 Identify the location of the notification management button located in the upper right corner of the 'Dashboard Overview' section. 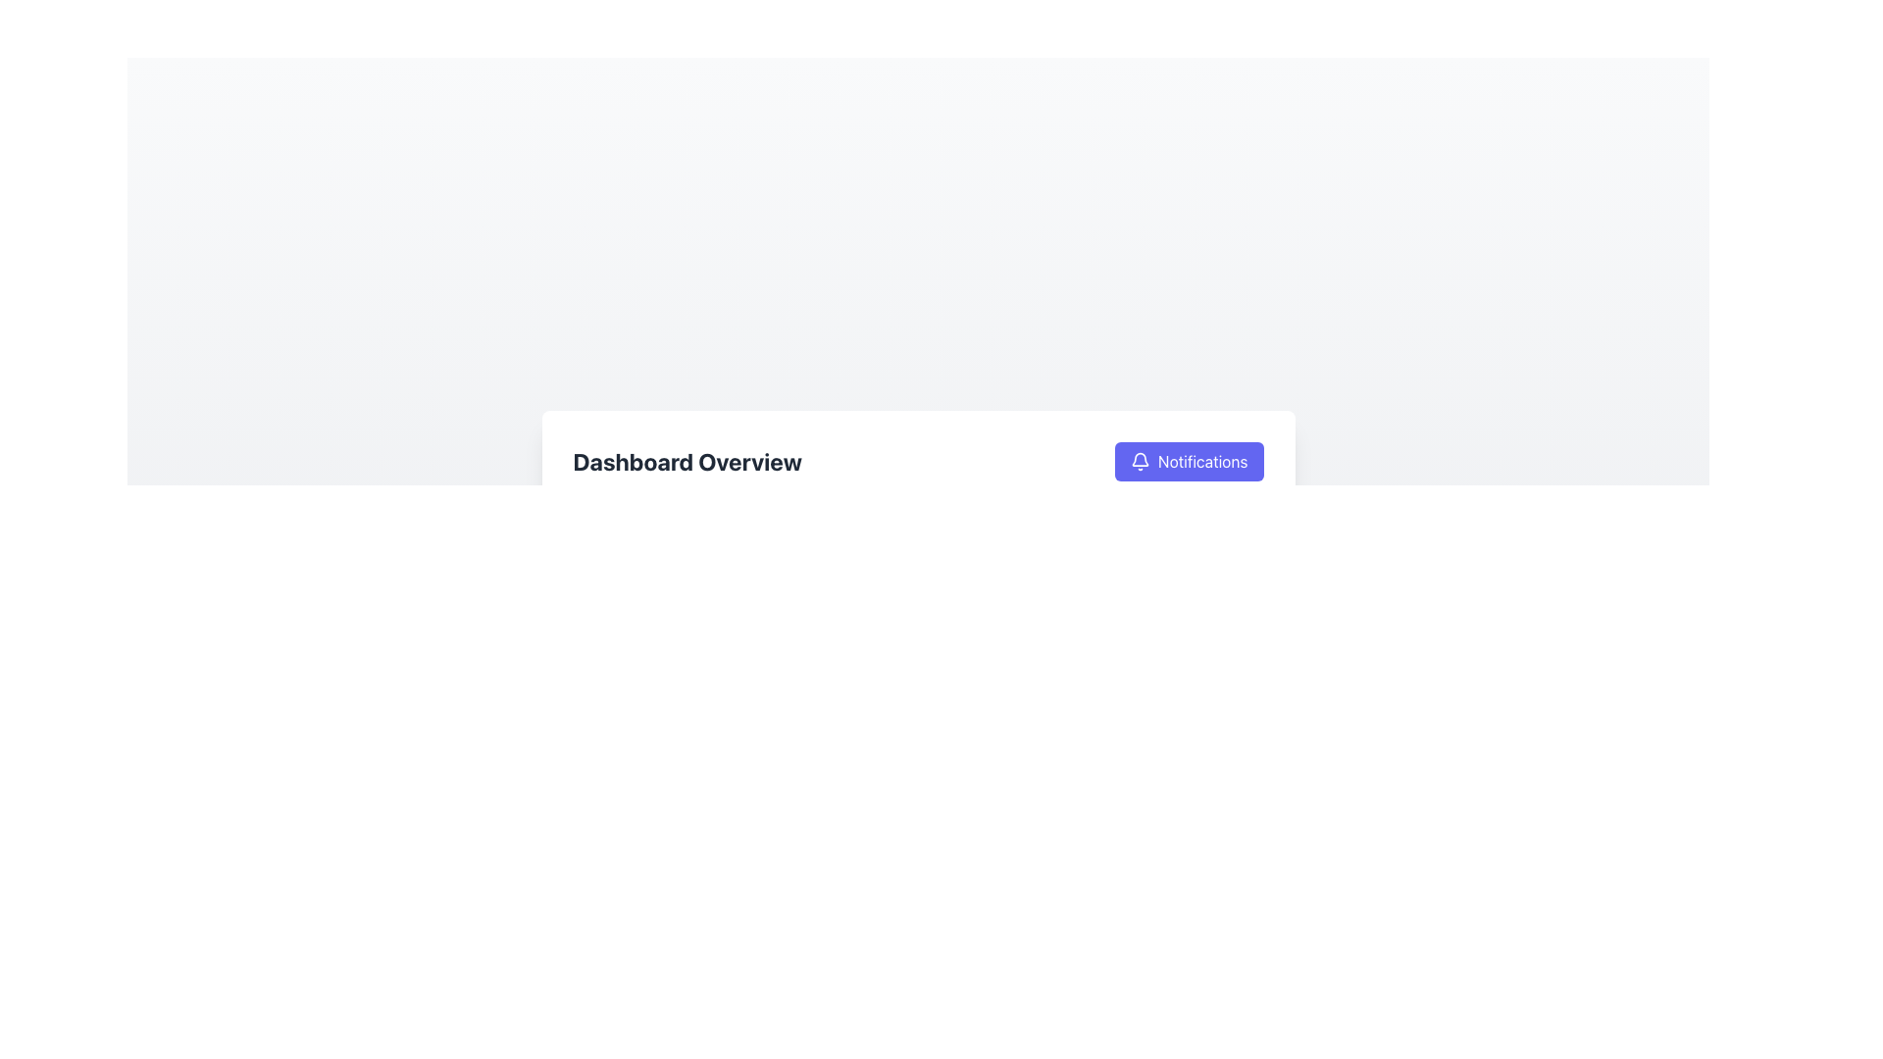
(1188, 461).